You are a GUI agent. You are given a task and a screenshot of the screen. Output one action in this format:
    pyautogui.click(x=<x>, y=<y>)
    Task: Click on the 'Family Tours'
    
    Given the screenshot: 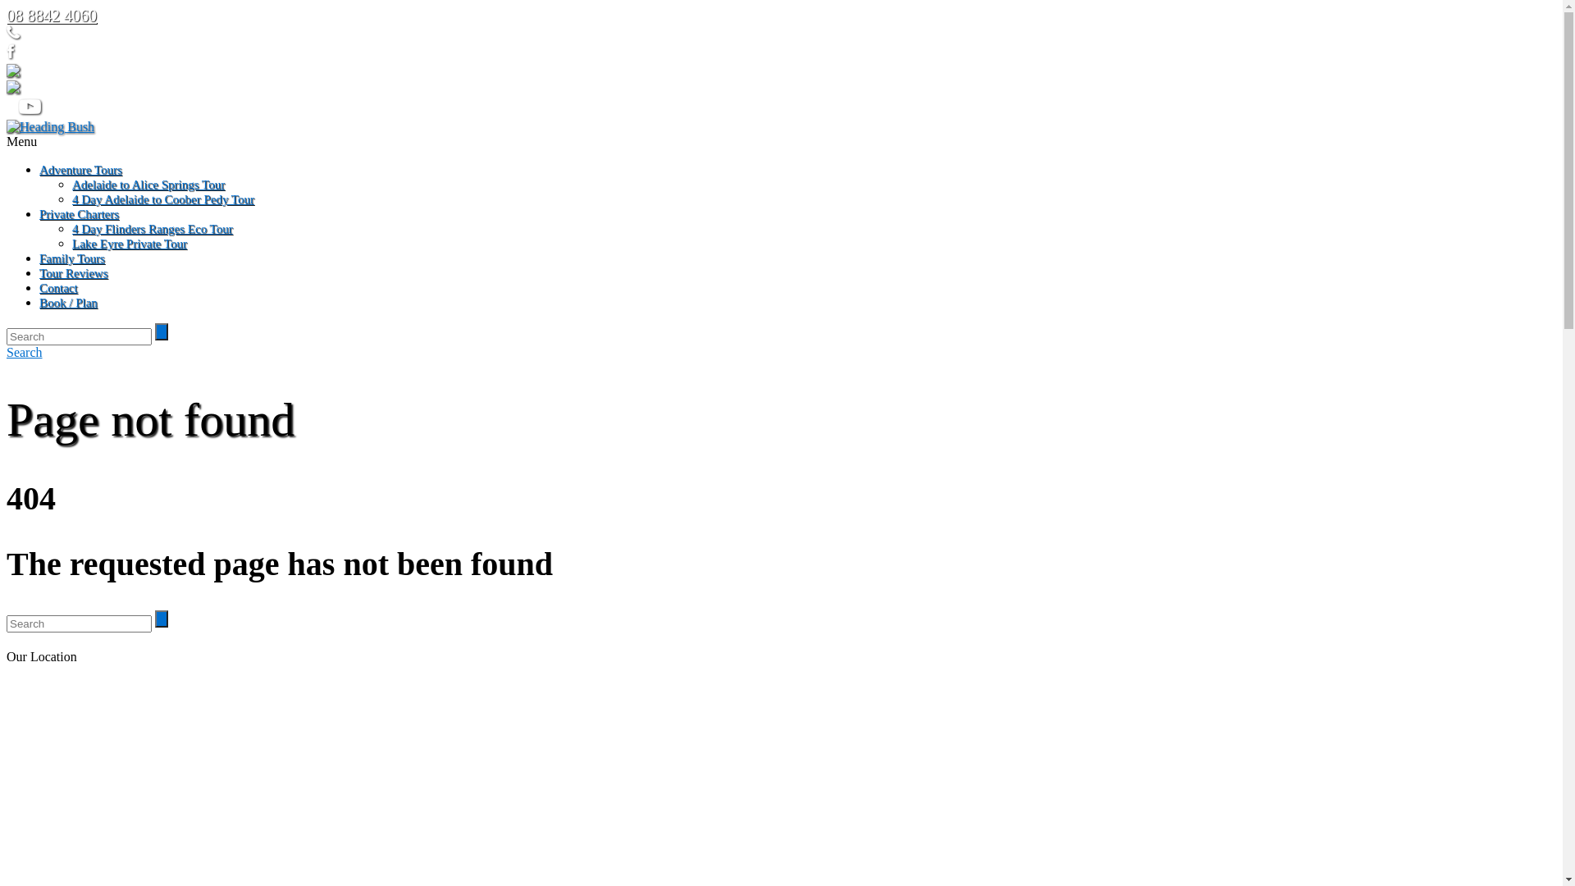 What is the action you would take?
    pyautogui.click(x=71, y=258)
    